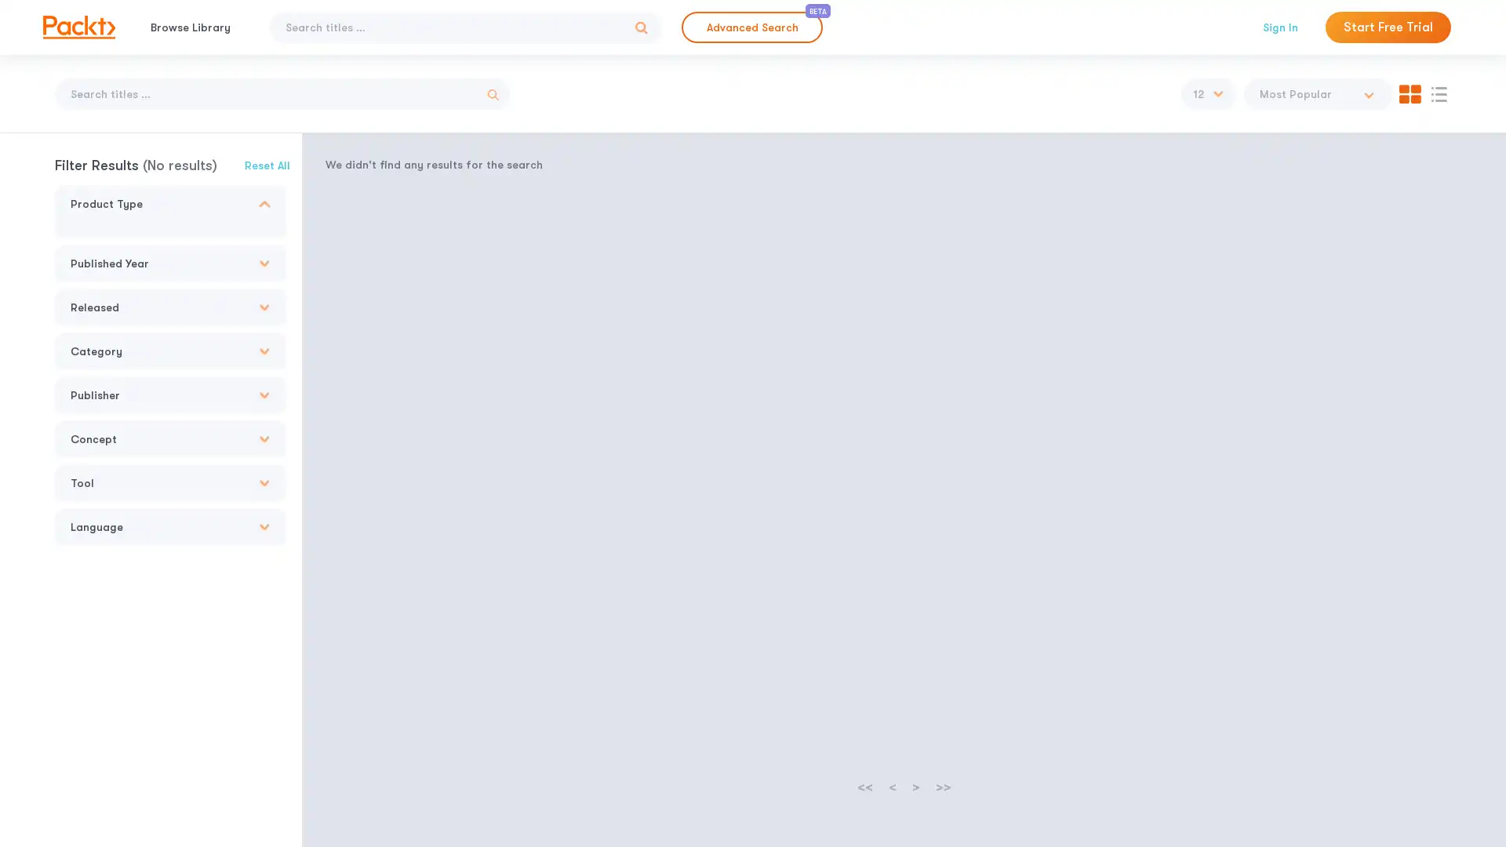  I want to click on >>, so click(941, 788).